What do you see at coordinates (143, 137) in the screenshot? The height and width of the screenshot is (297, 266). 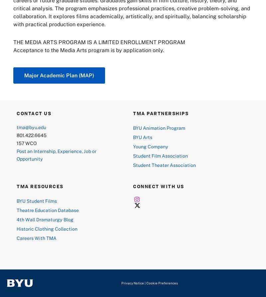 I see `'BYU Arts'` at bounding box center [143, 137].